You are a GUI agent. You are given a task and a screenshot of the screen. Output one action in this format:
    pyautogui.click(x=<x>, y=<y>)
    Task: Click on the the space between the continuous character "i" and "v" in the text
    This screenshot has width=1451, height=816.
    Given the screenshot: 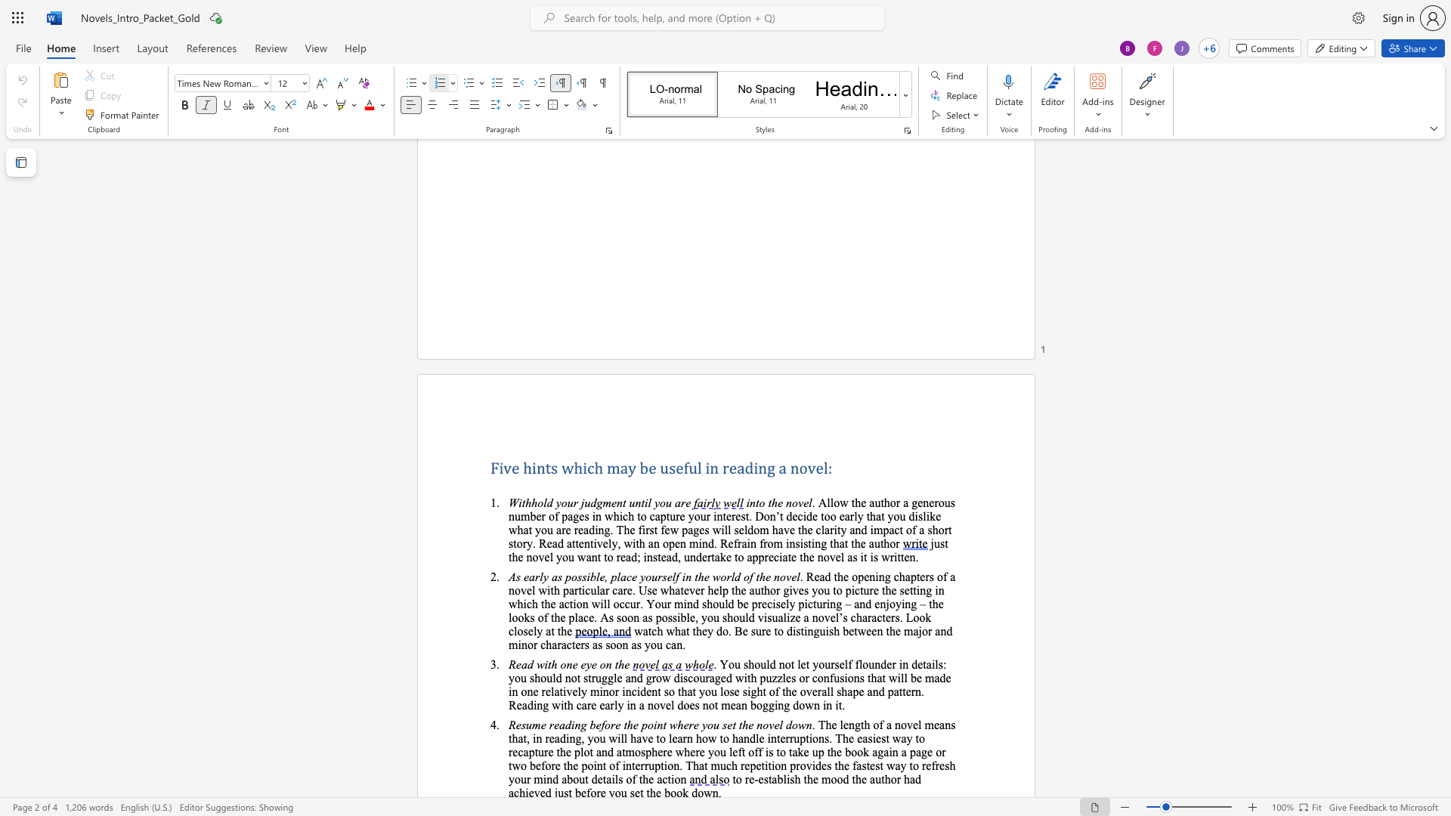 What is the action you would take?
    pyautogui.click(x=566, y=691)
    